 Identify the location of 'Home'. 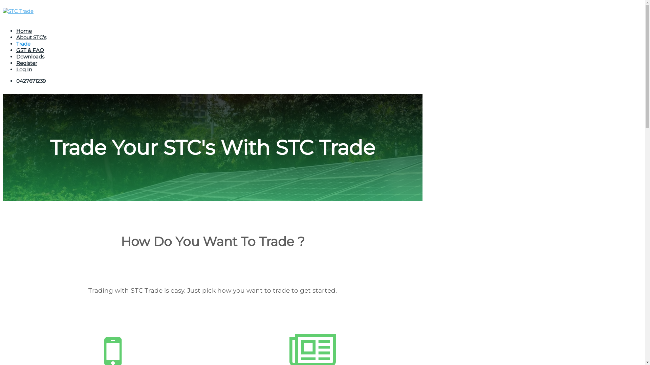
(24, 31).